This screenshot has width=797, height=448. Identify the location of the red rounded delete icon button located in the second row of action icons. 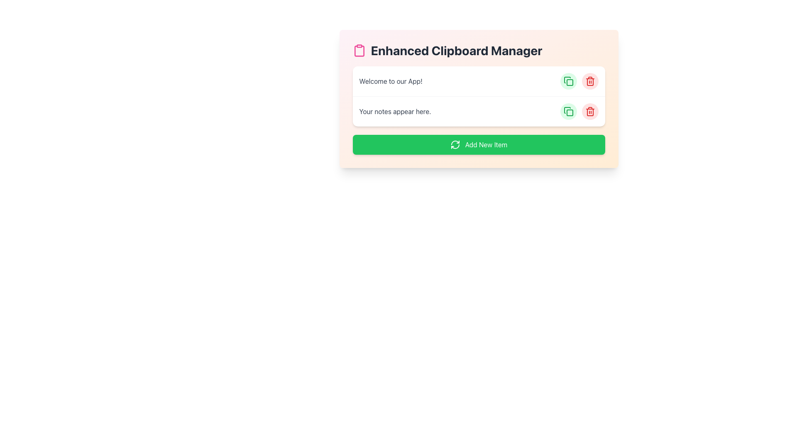
(589, 111).